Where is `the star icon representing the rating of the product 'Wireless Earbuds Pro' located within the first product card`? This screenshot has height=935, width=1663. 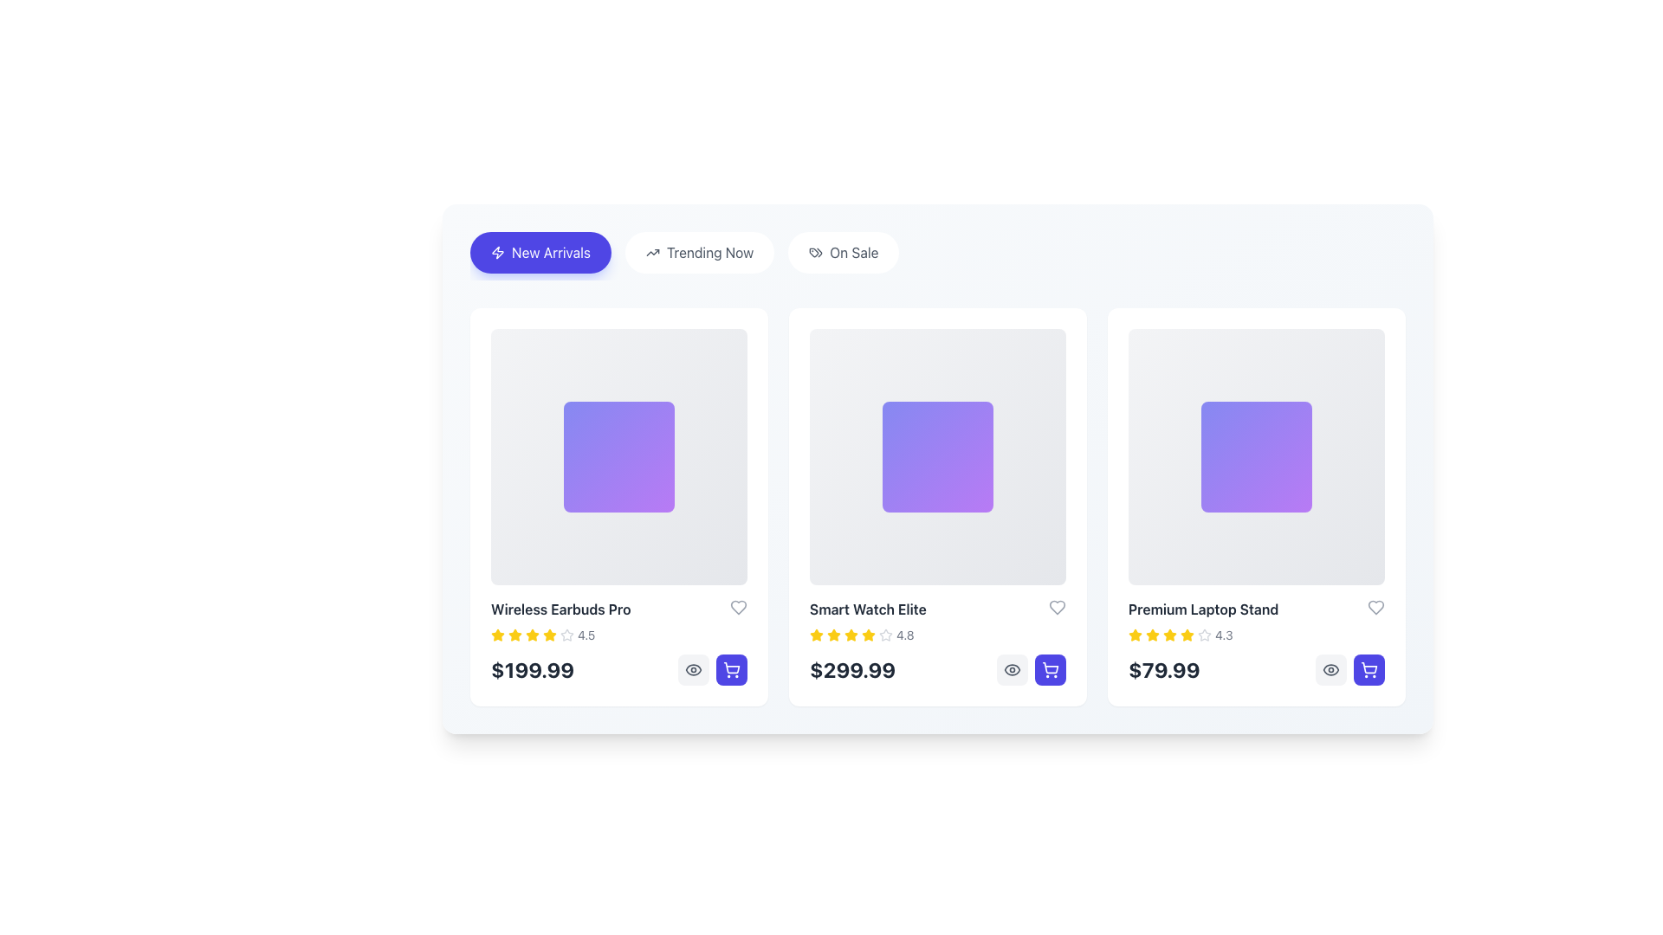 the star icon representing the rating of the product 'Wireless Earbuds Pro' located within the first product card is located at coordinates (497, 635).